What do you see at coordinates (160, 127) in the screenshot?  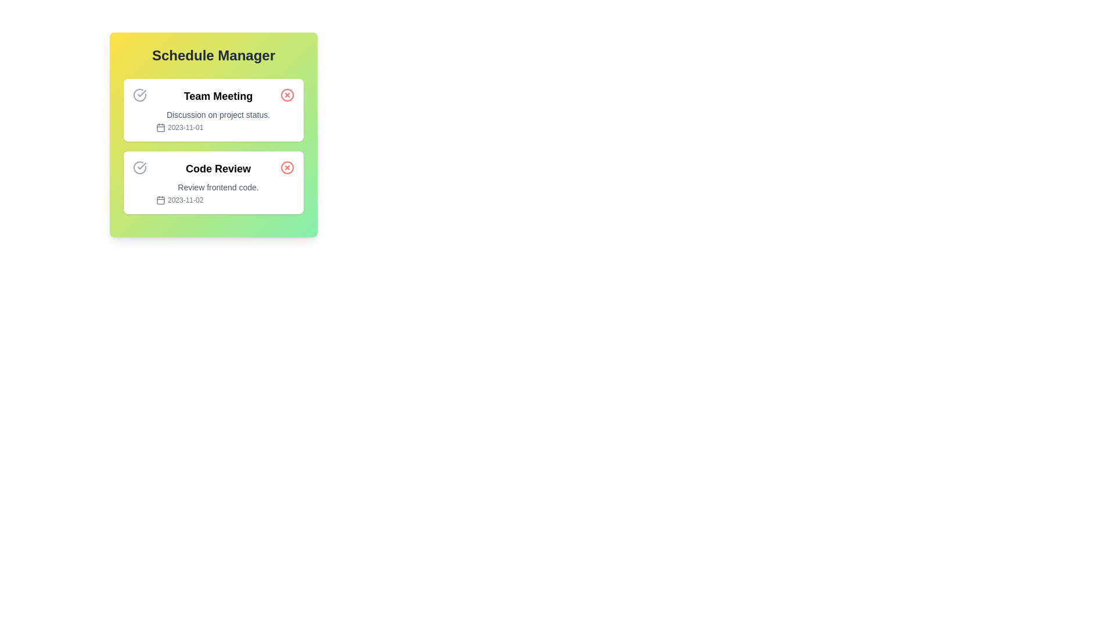 I see `the informative date icon representing '2023-11-01' in the description section of the first entry in the 'Schedule Manager' card interface` at bounding box center [160, 127].